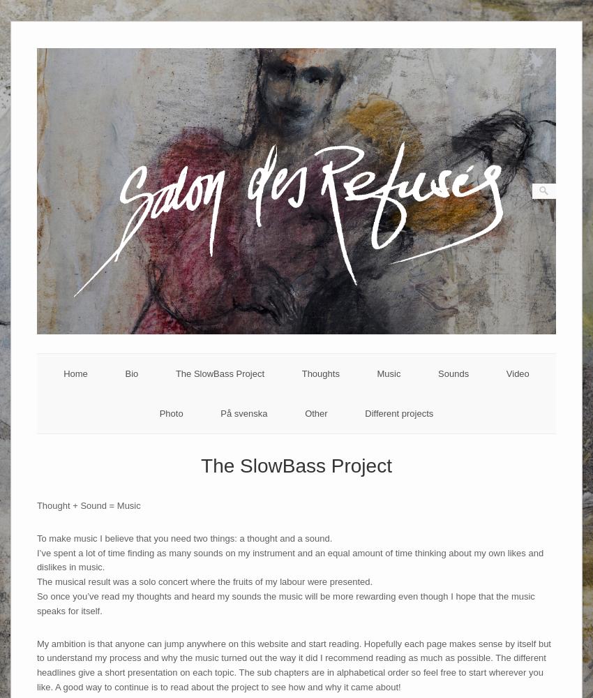  What do you see at coordinates (320, 426) in the screenshot?
I see `'From background to spotlight'` at bounding box center [320, 426].